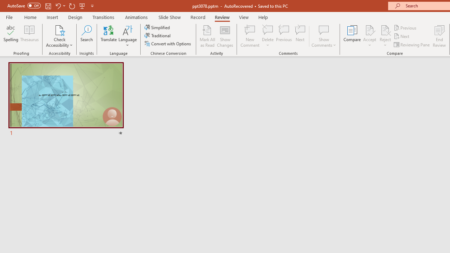 Image resolution: width=450 pixels, height=253 pixels. I want to click on 'Delete', so click(268, 30).